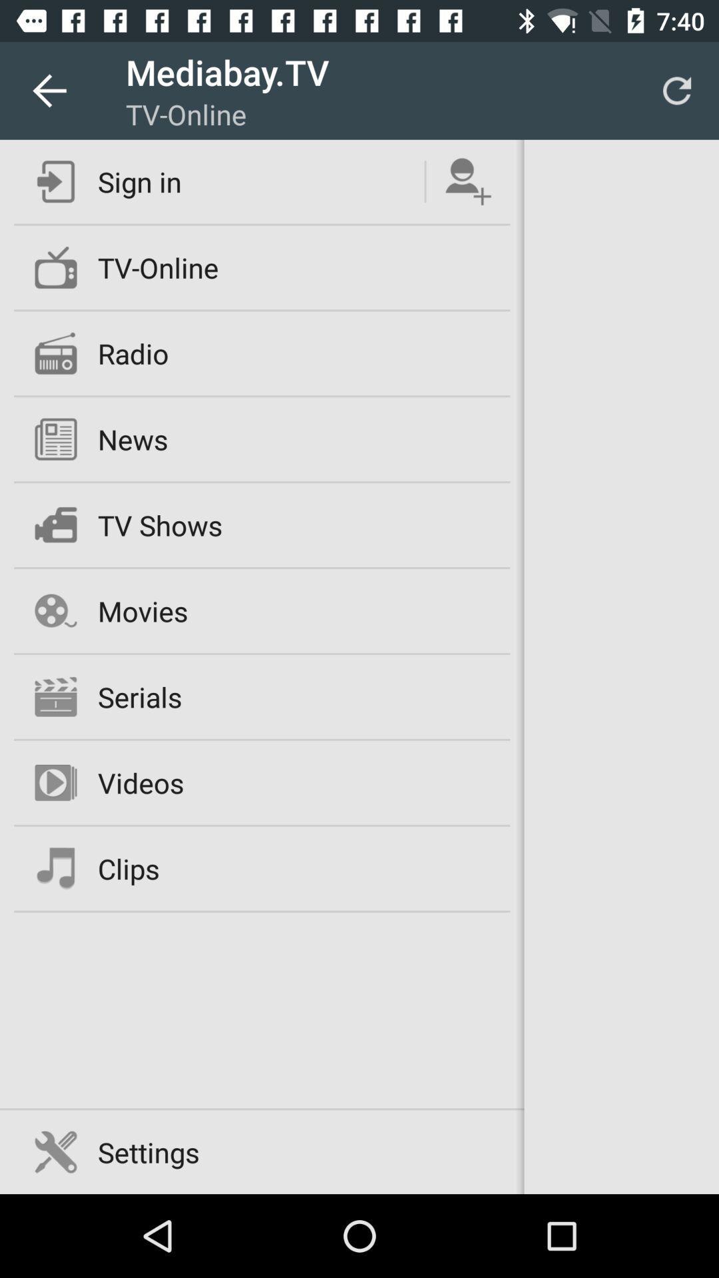 This screenshot has height=1278, width=719. What do you see at coordinates (148, 1152) in the screenshot?
I see `settings` at bounding box center [148, 1152].